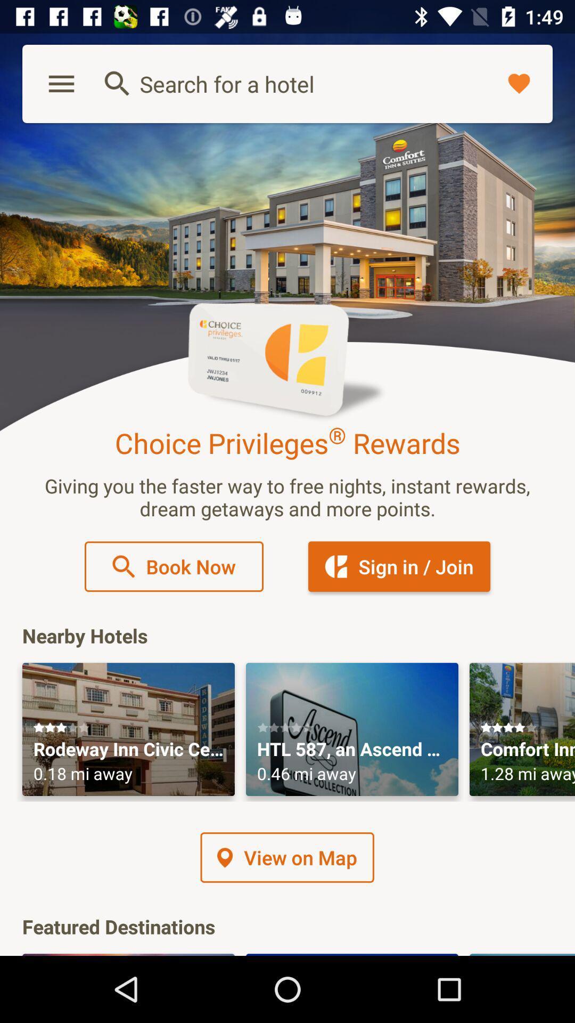 The image size is (575, 1023). Describe the element at coordinates (352, 729) in the screenshot. I see `for hotel ascend` at that location.